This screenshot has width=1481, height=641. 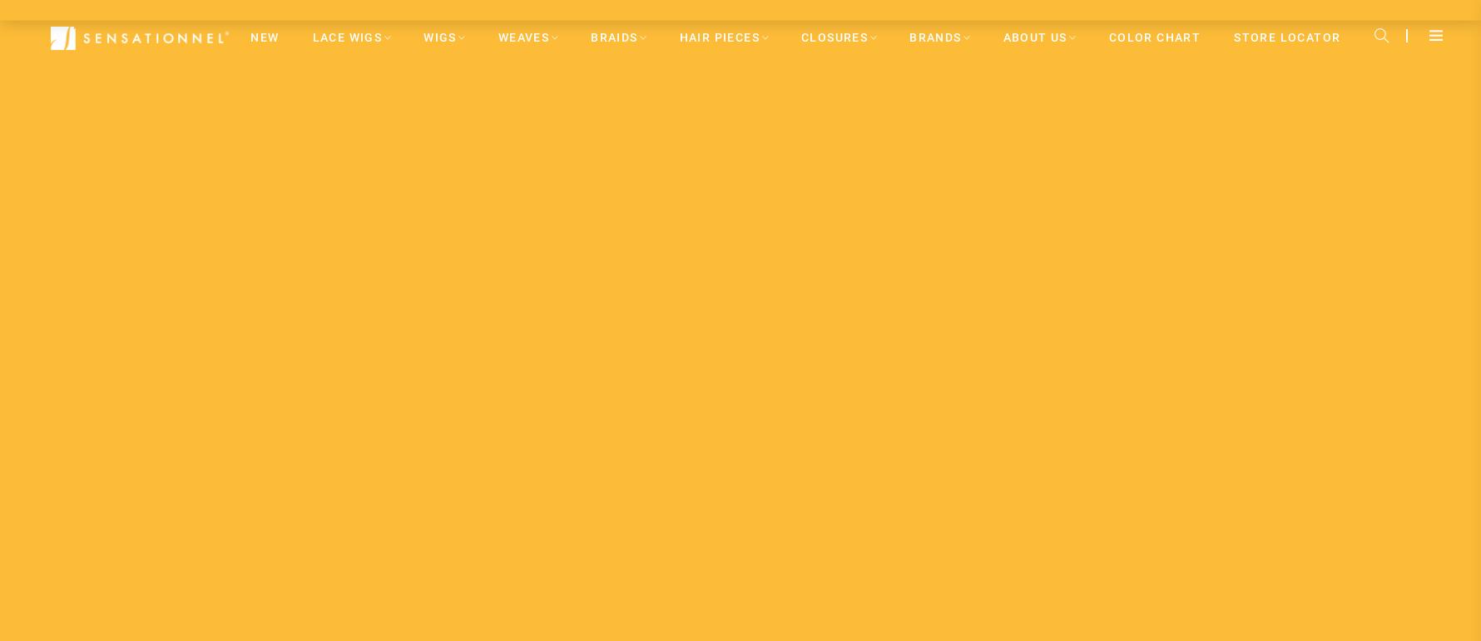 What do you see at coordinates (265, 36) in the screenshot?
I see `'NEW'` at bounding box center [265, 36].